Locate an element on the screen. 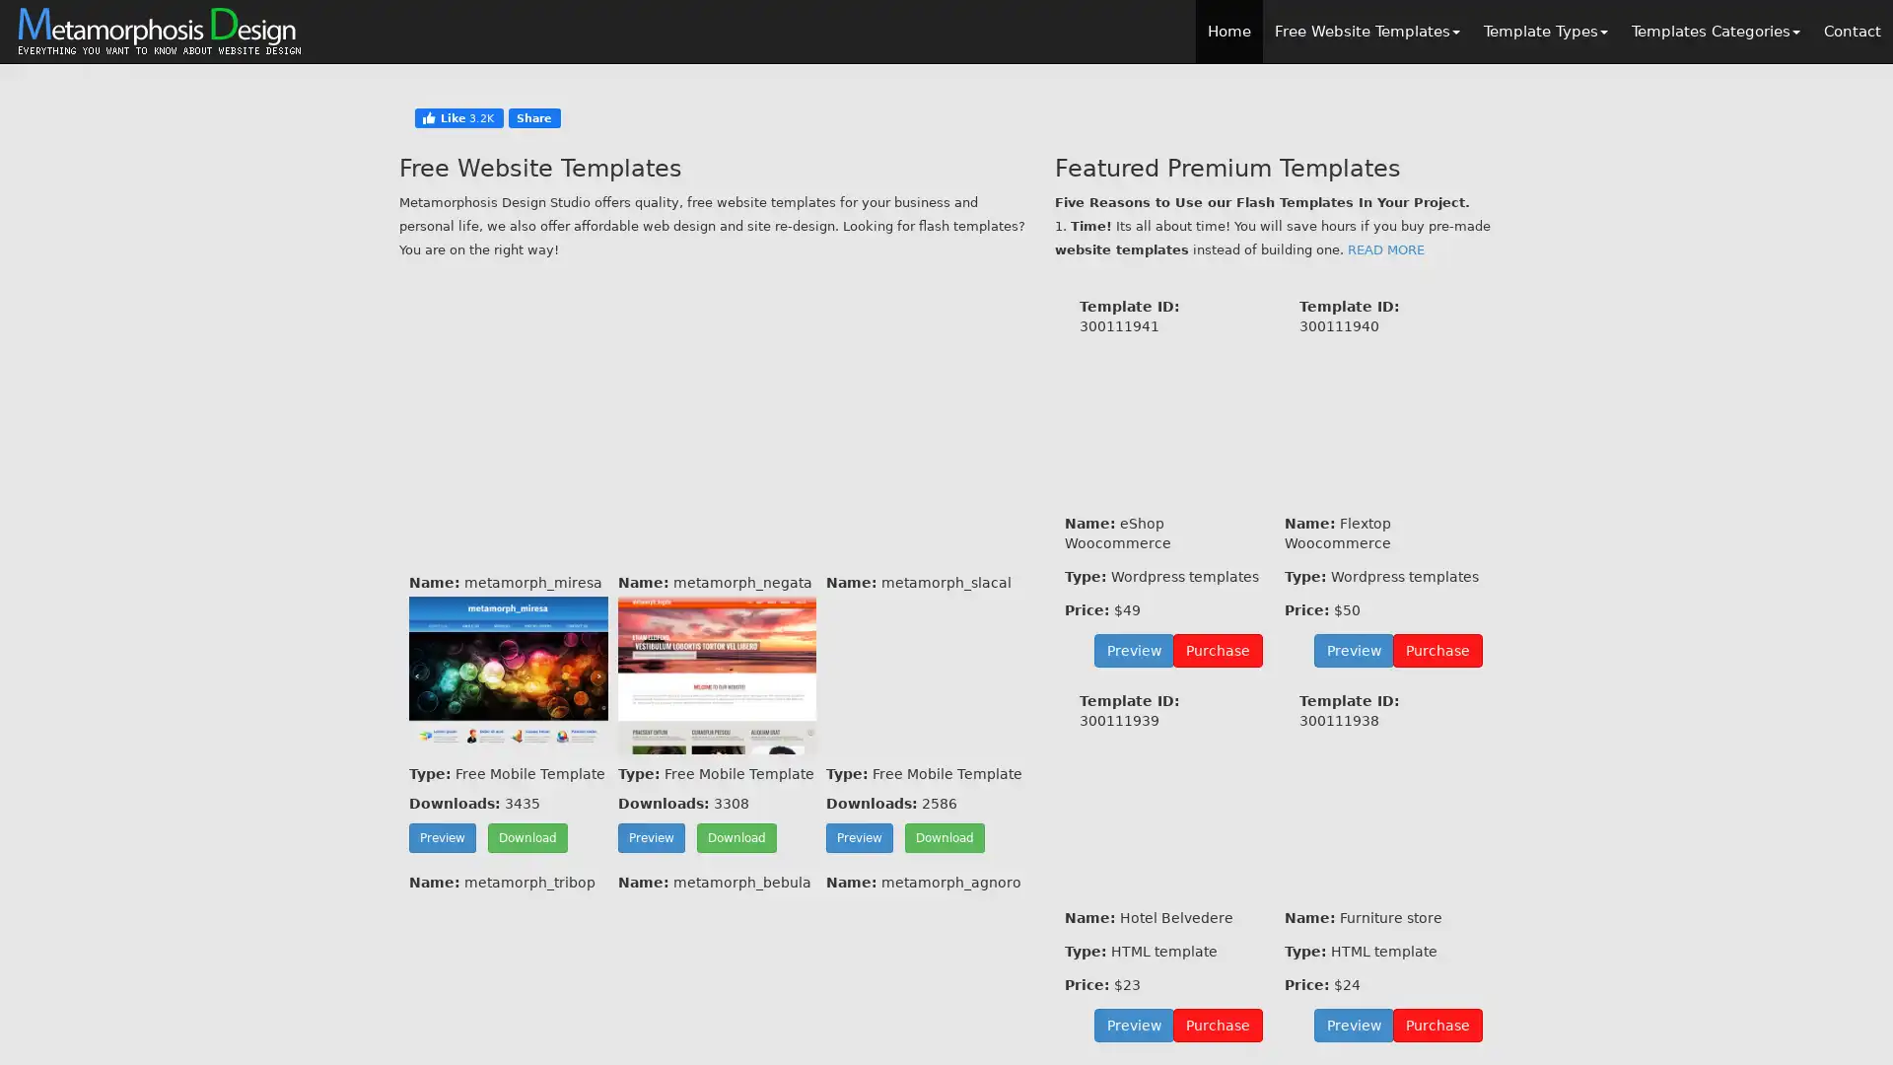 The height and width of the screenshot is (1065, 1893). Purchase is located at coordinates (1437, 650).